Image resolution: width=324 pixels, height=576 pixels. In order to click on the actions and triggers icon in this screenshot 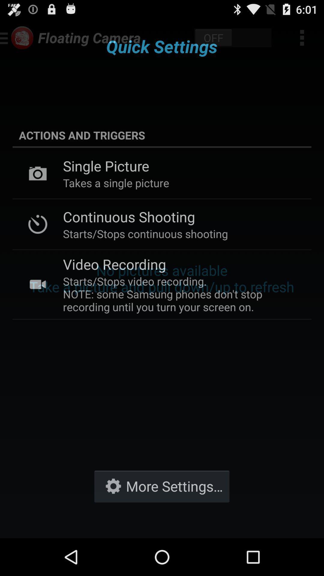, I will do `click(162, 135)`.